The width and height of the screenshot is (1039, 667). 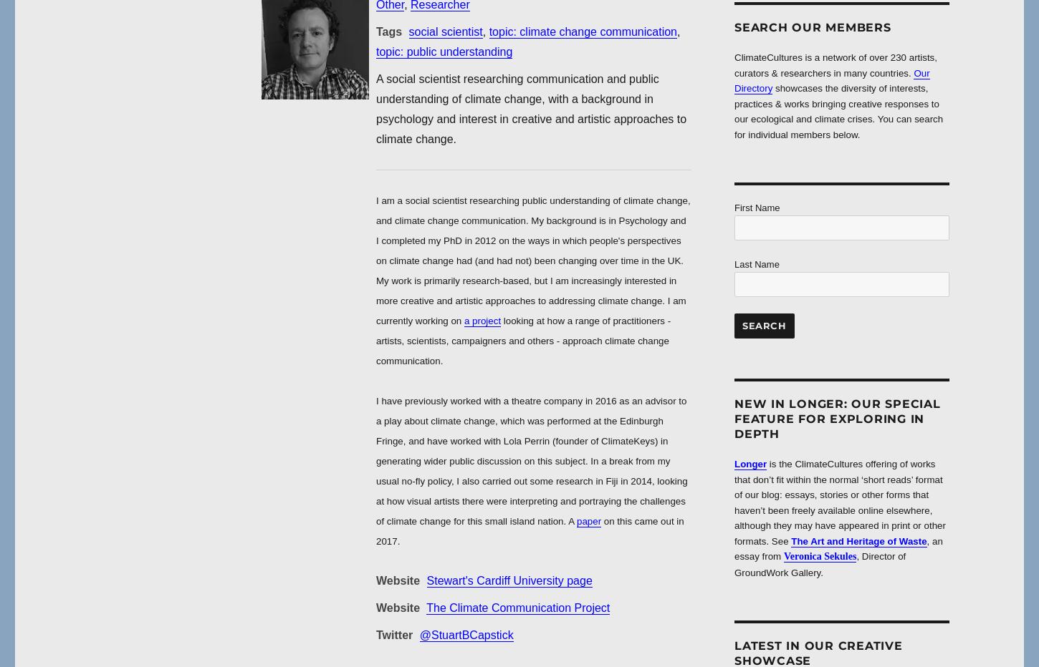 What do you see at coordinates (838, 548) in the screenshot?
I see `', an essay from'` at bounding box center [838, 548].